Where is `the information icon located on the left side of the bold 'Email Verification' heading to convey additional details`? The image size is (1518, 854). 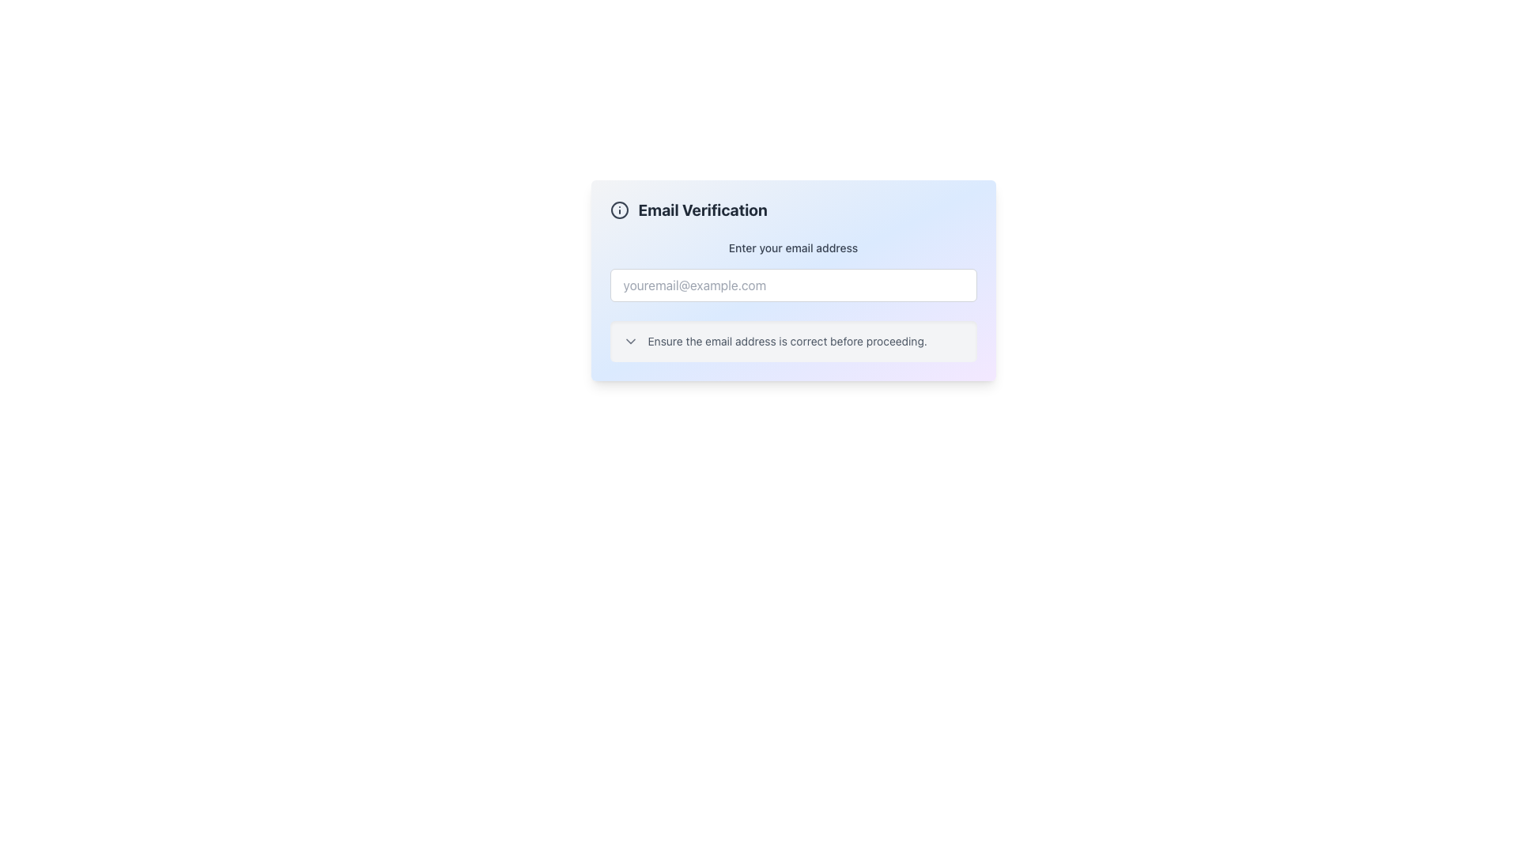 the information icon located on the left side of the bold 'Email Verification' heading to convey additional details is located at coordinates (618, 210).